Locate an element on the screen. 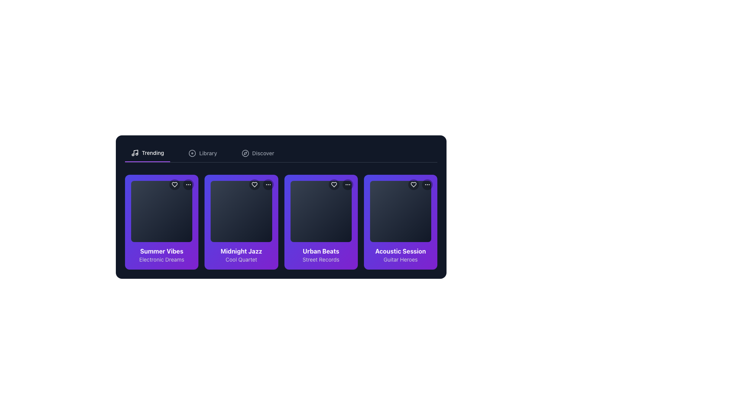  text 'Midnight Jazz', which is a bold label located at the top of the text area within the second card in the 'Trending' section, characterized by a purple background is located at coordinates (241, 251).